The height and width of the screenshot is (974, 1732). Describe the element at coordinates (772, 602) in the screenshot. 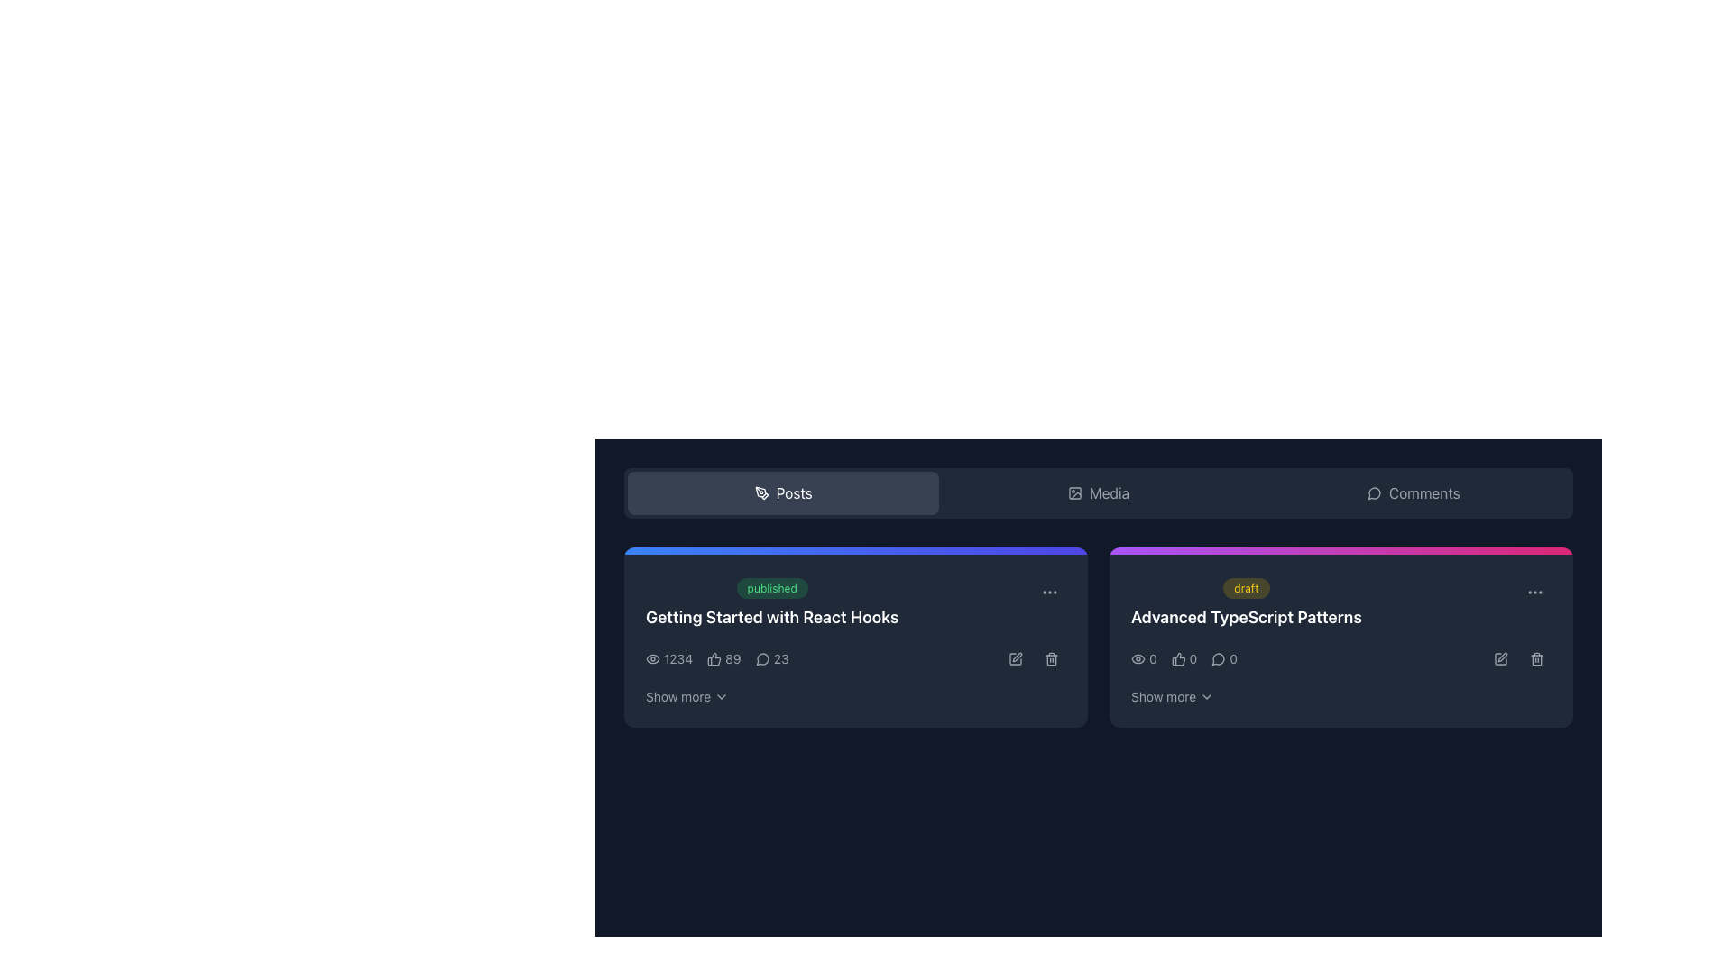

I see `text of the title 'Getting Started with React Hooks' located below the green 'published' label in the center-left area of the card layout` at that location.